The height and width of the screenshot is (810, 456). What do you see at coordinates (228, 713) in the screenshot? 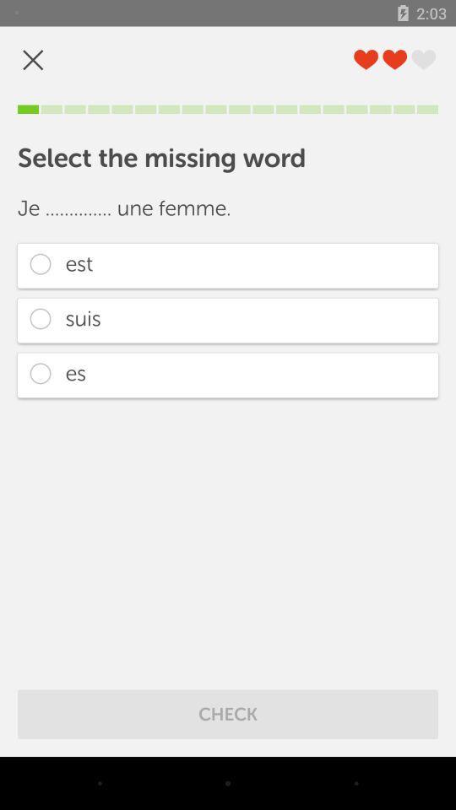
I see `check` at bounding box center [228, 713].